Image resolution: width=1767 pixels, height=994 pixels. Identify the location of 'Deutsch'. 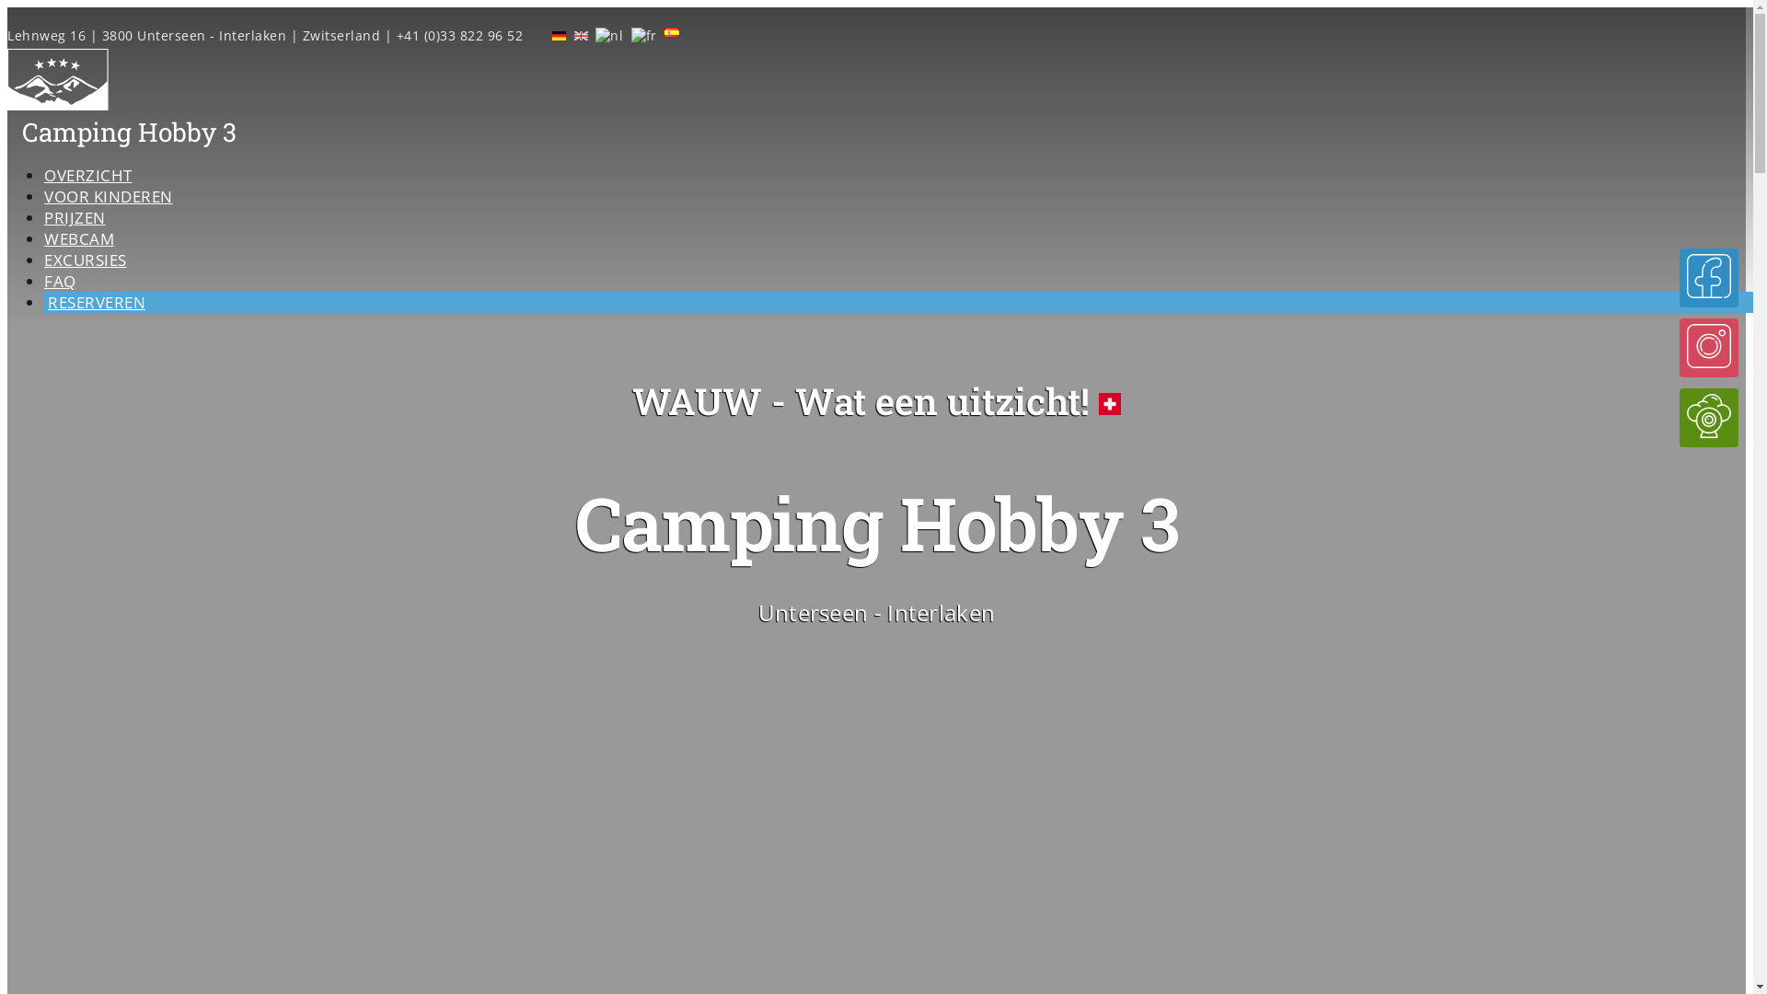
(558, 35).